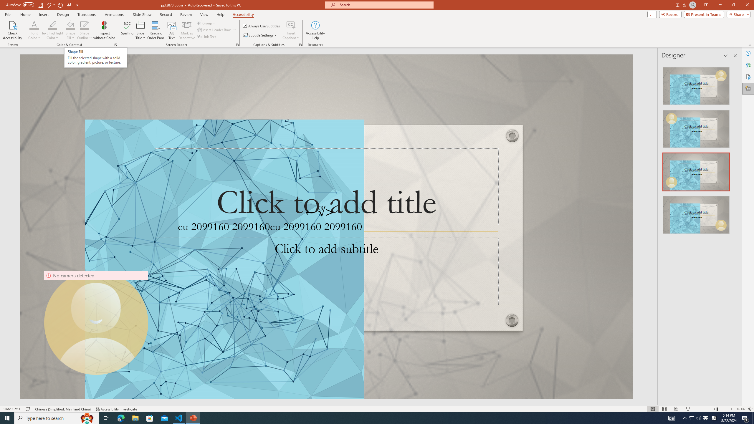  Describe the element at coordinates (291, 30) in the screenshot. I see `'Insert Captions'` at that location.